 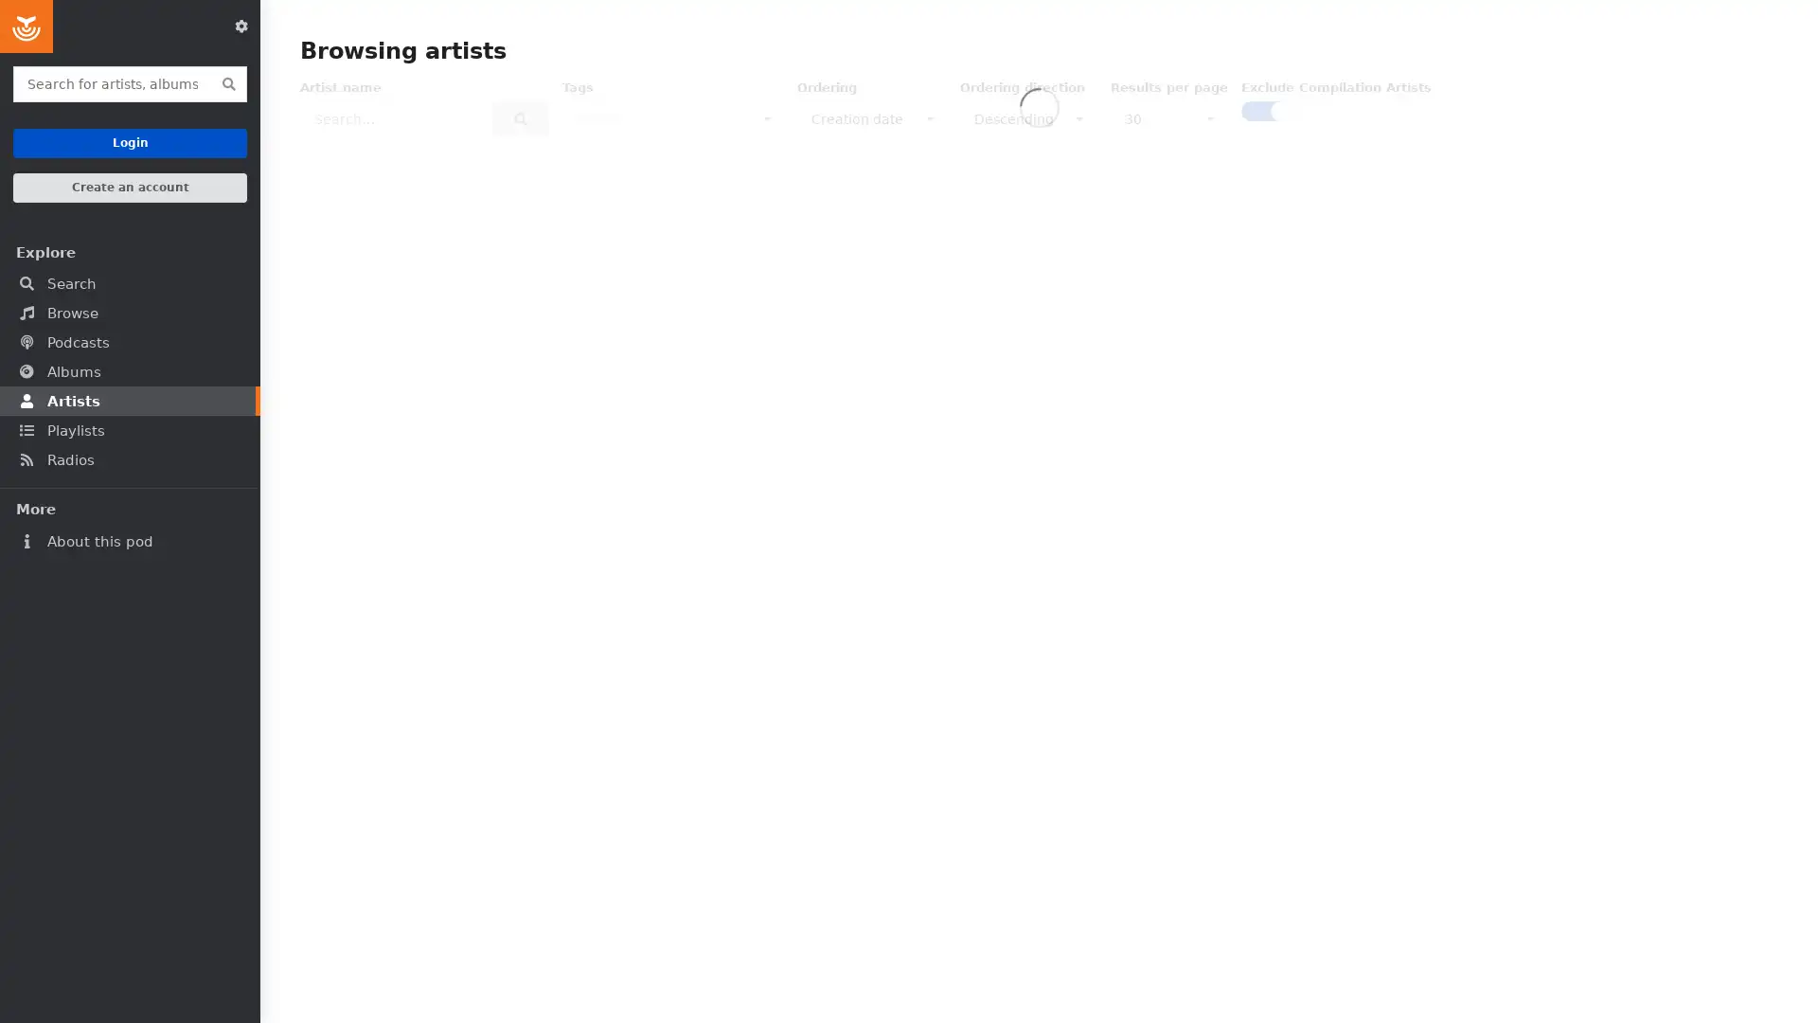 What do you see at coordinates (1076, 980) in the screenshot?
I see `Play artist` at bounding box center [1076, 980].